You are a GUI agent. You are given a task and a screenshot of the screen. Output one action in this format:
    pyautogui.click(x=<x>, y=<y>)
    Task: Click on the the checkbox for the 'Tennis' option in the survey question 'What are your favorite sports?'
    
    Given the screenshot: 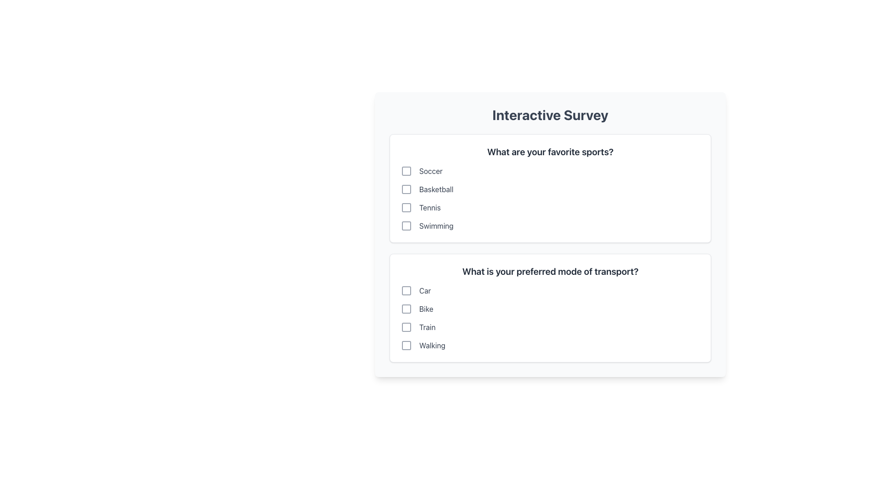 What is the action you would take?
    pyautogui.click(x=406, y=208)
    